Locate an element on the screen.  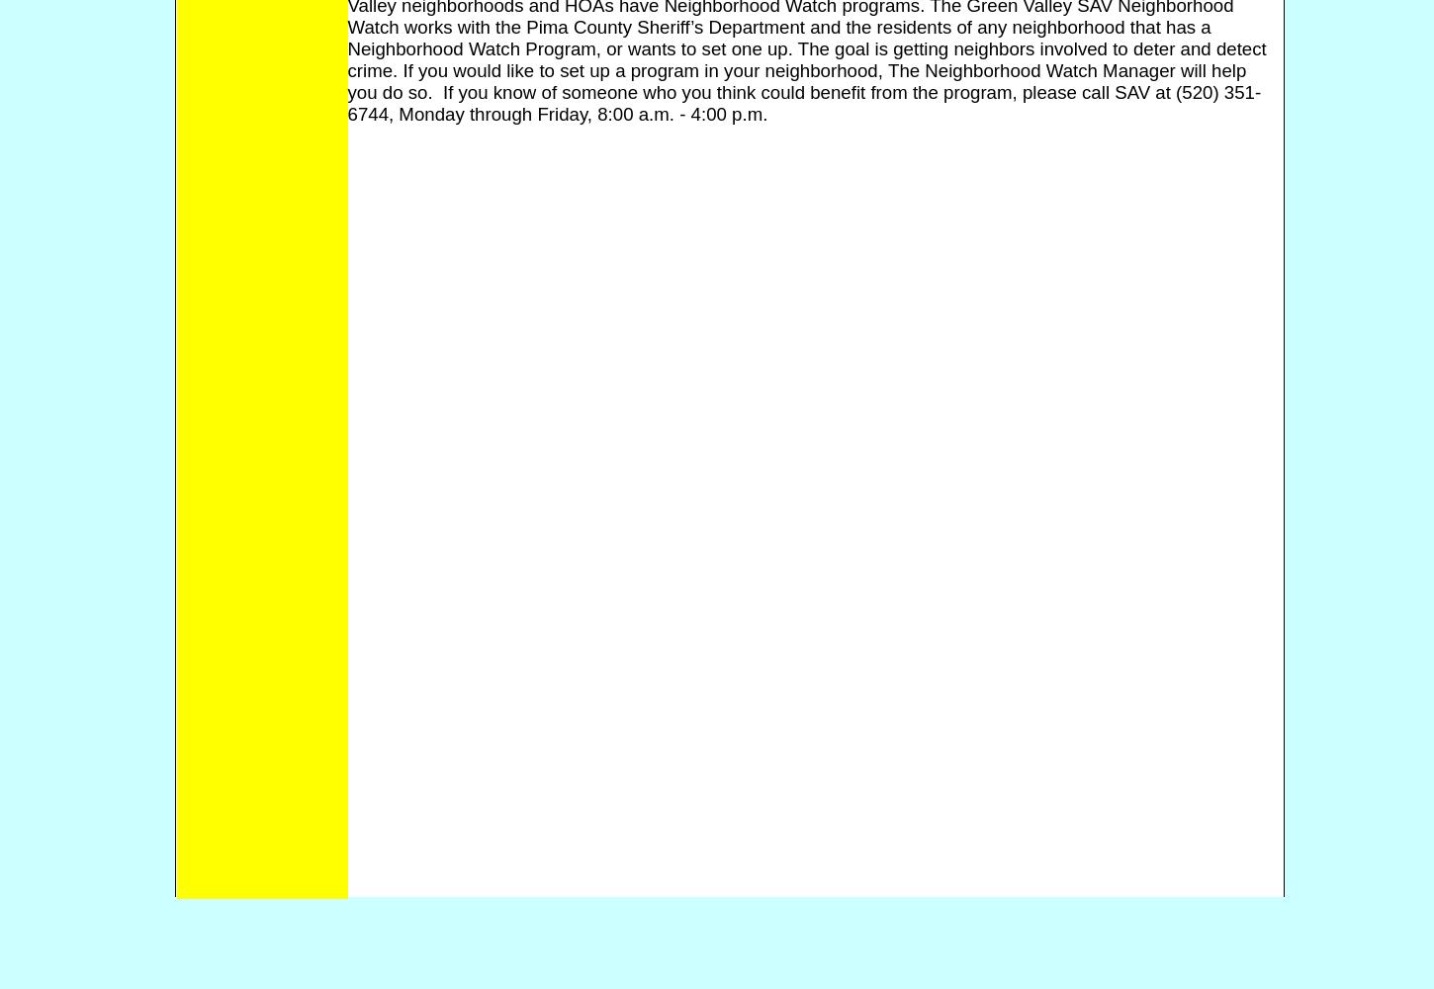
'- 4:00 p' is located at coordinates (709, 112).